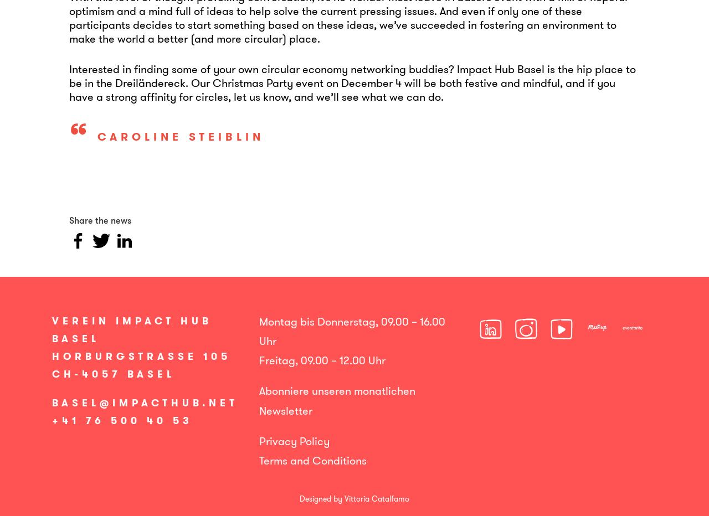 This screenshot has width=709, height=516. What do you see at coordinates (258, 400) in the screenshot?
I see `'Abonniere unseren monatlichen Newsletter'` at bounding box center [258, 400].